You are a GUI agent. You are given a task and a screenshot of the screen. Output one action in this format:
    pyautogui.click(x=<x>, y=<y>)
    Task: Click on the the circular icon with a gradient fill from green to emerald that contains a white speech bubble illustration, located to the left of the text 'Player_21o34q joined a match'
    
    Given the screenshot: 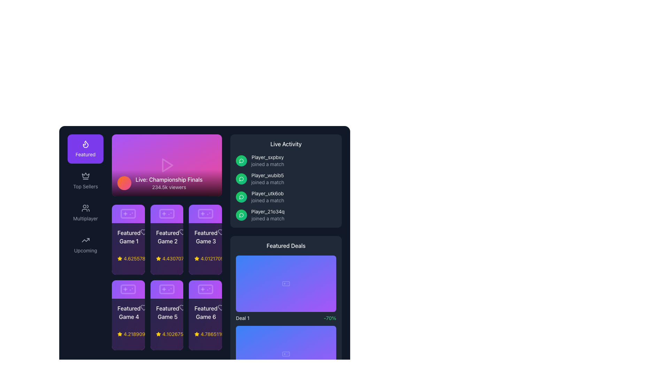 What is the action you would take?
    pyautogui.click(x=241, y=214)
    